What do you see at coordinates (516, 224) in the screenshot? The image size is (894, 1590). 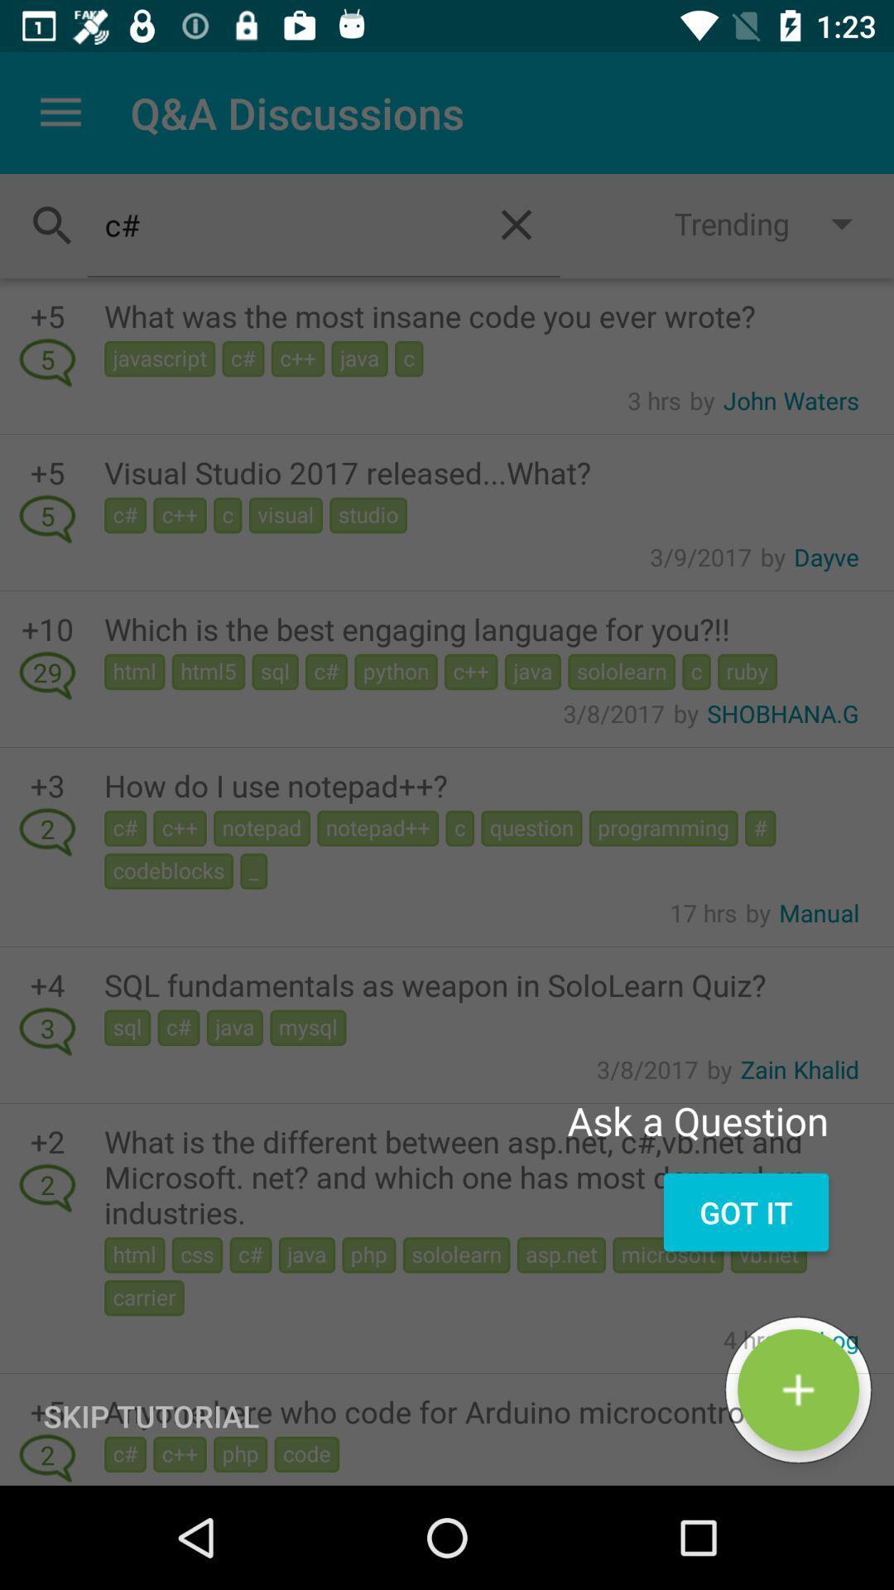 I see `the close icon` at bounding box center [516, 224].